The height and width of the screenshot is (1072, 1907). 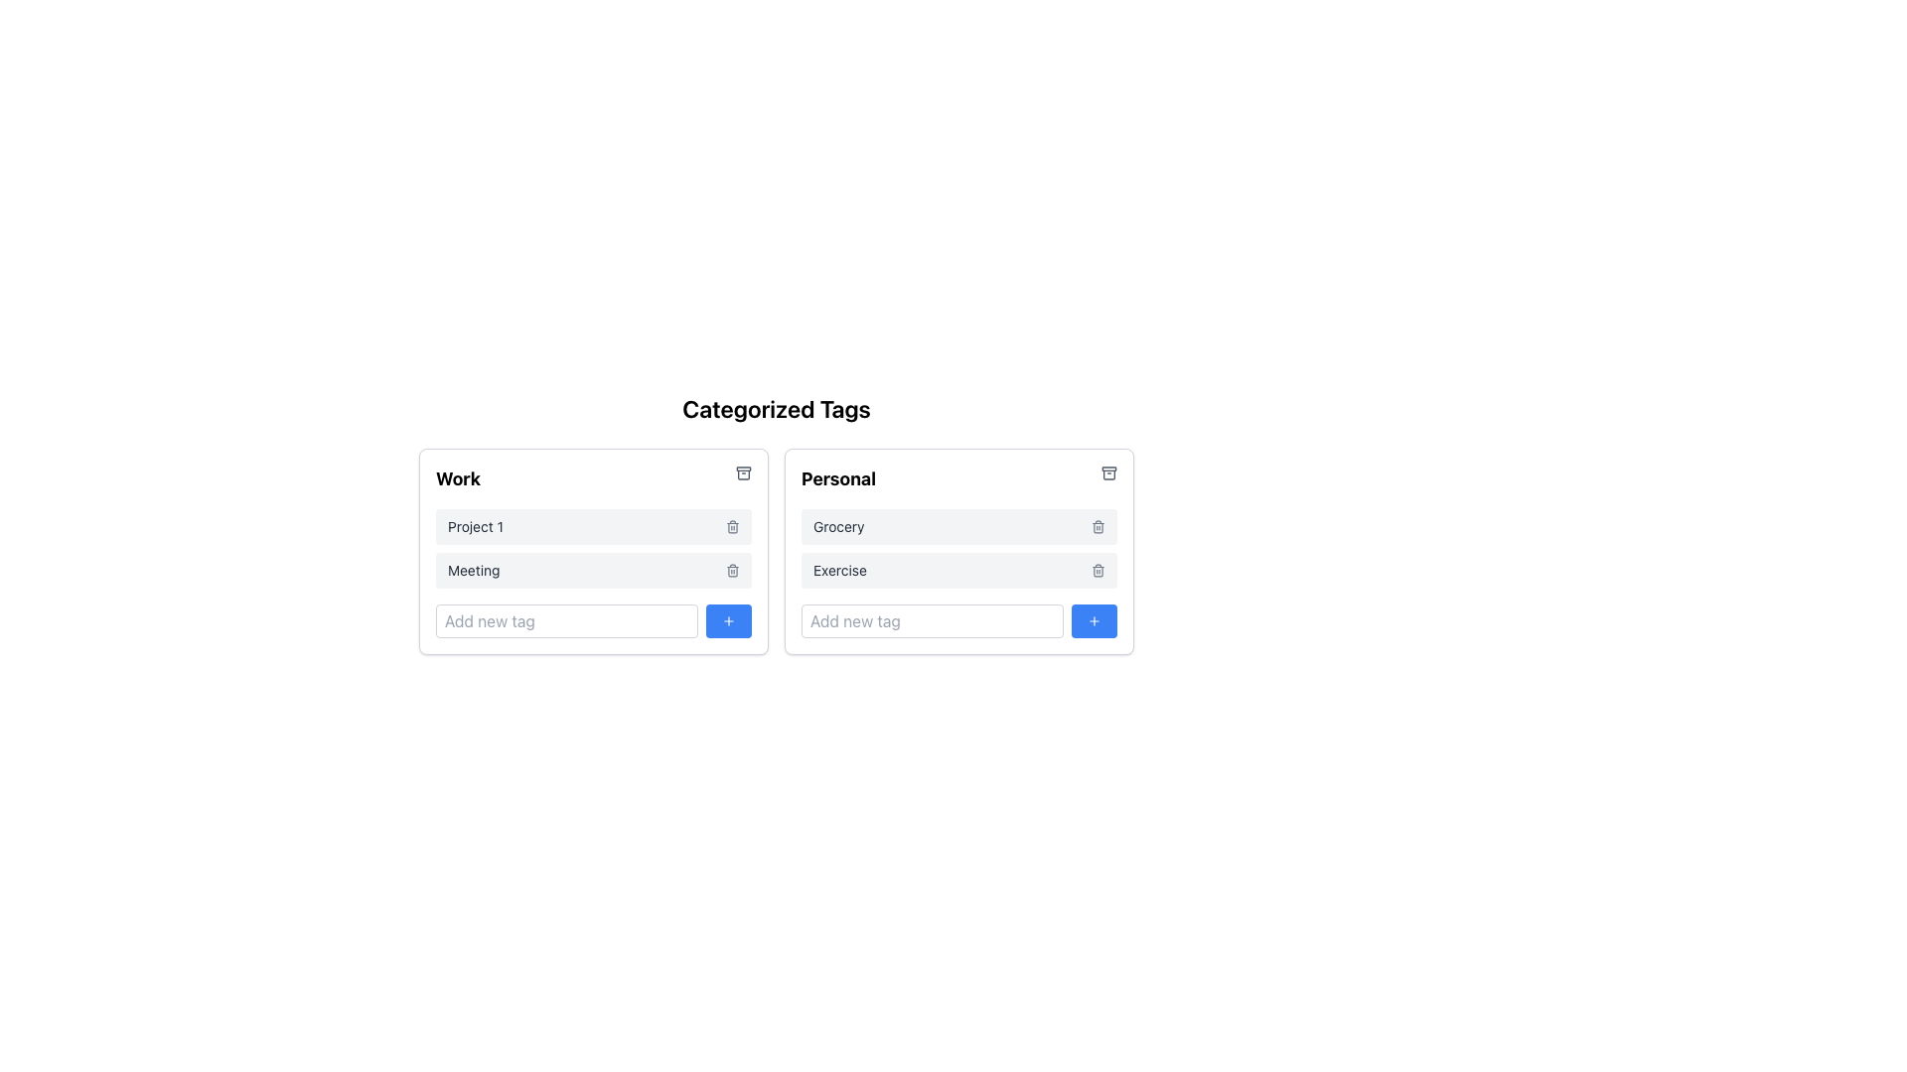 I want to click on the second trash icon button located inside the 'Work' category section, adjacent to the 'Meeting' text, so click(x=732, y=570).